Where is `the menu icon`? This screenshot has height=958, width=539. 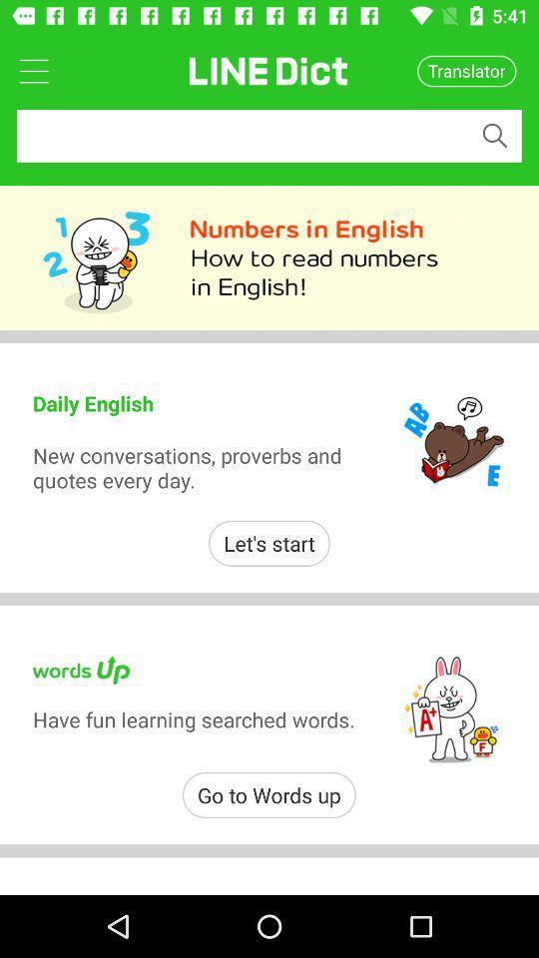
the menu icon is located at coordinates (33, 70).